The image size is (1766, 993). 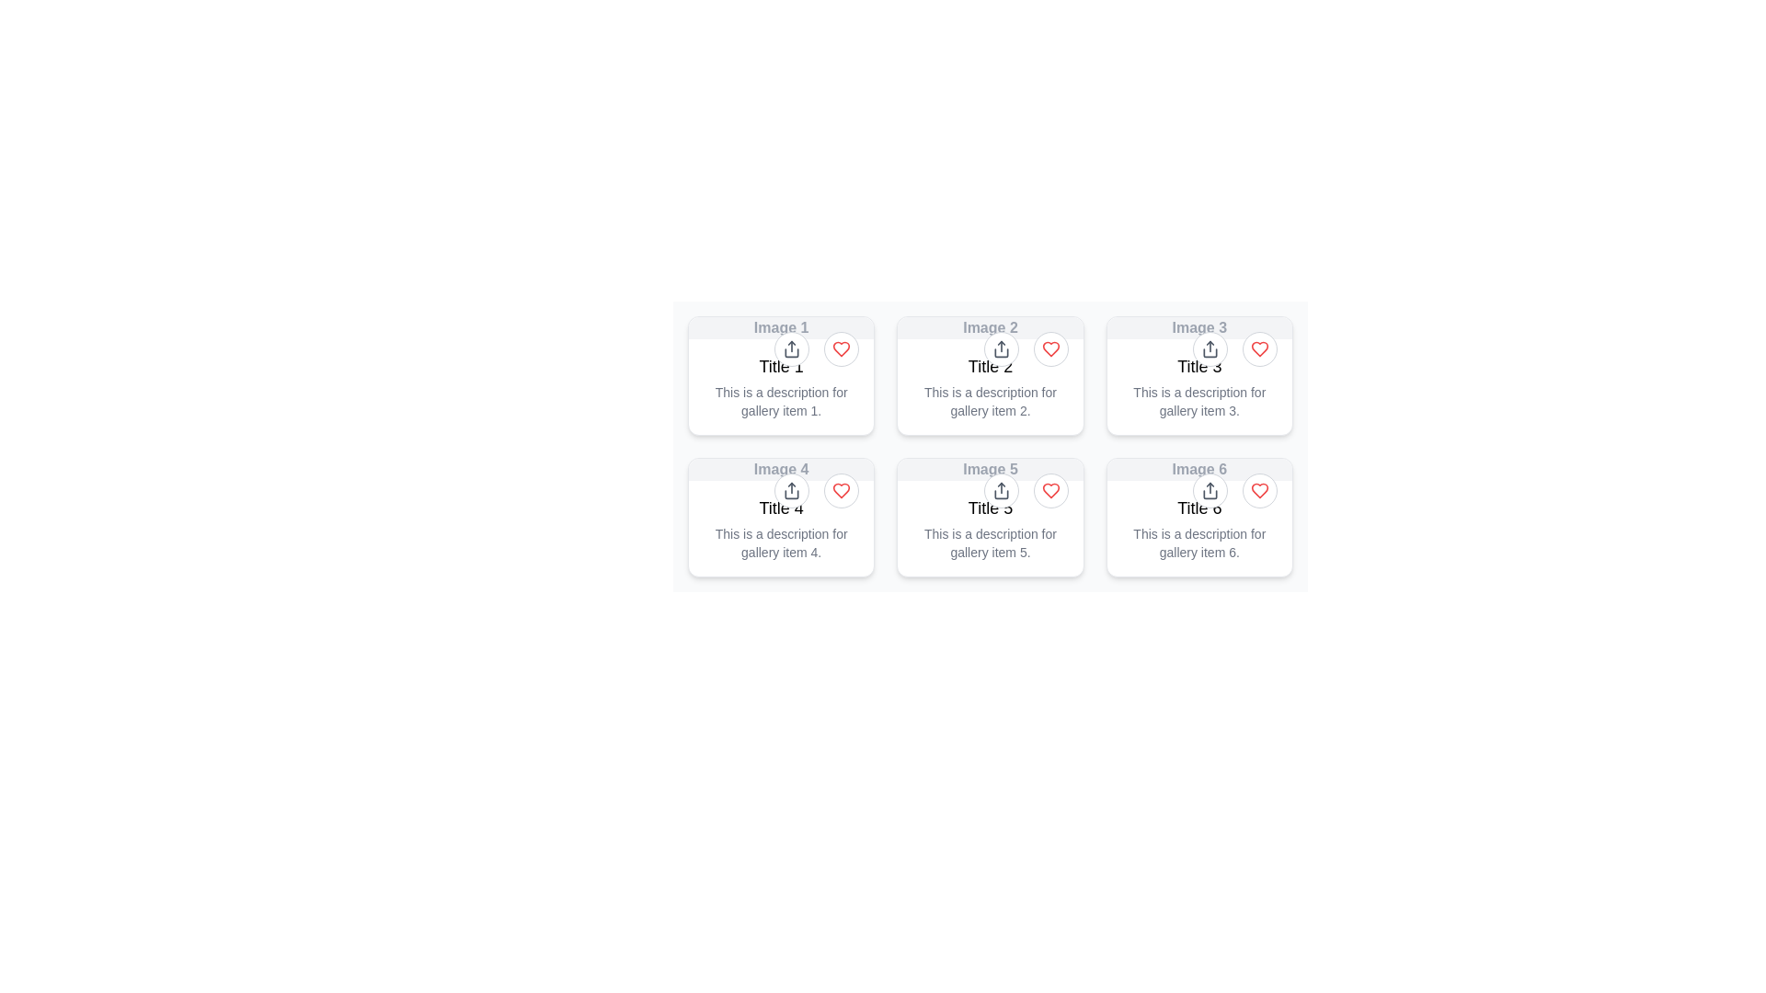 I want to click on the static text label that serves as the title for gallery item 5, positioned above the description text, so click(x=989, y=508).